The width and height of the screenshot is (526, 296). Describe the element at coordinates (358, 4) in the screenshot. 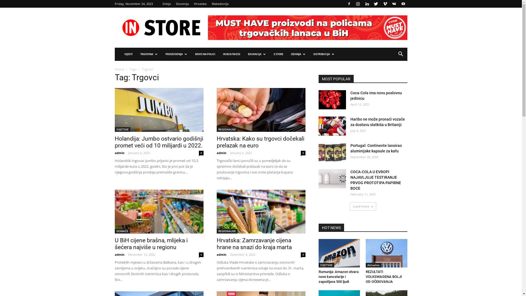

I see `'Instagram'` at that location.